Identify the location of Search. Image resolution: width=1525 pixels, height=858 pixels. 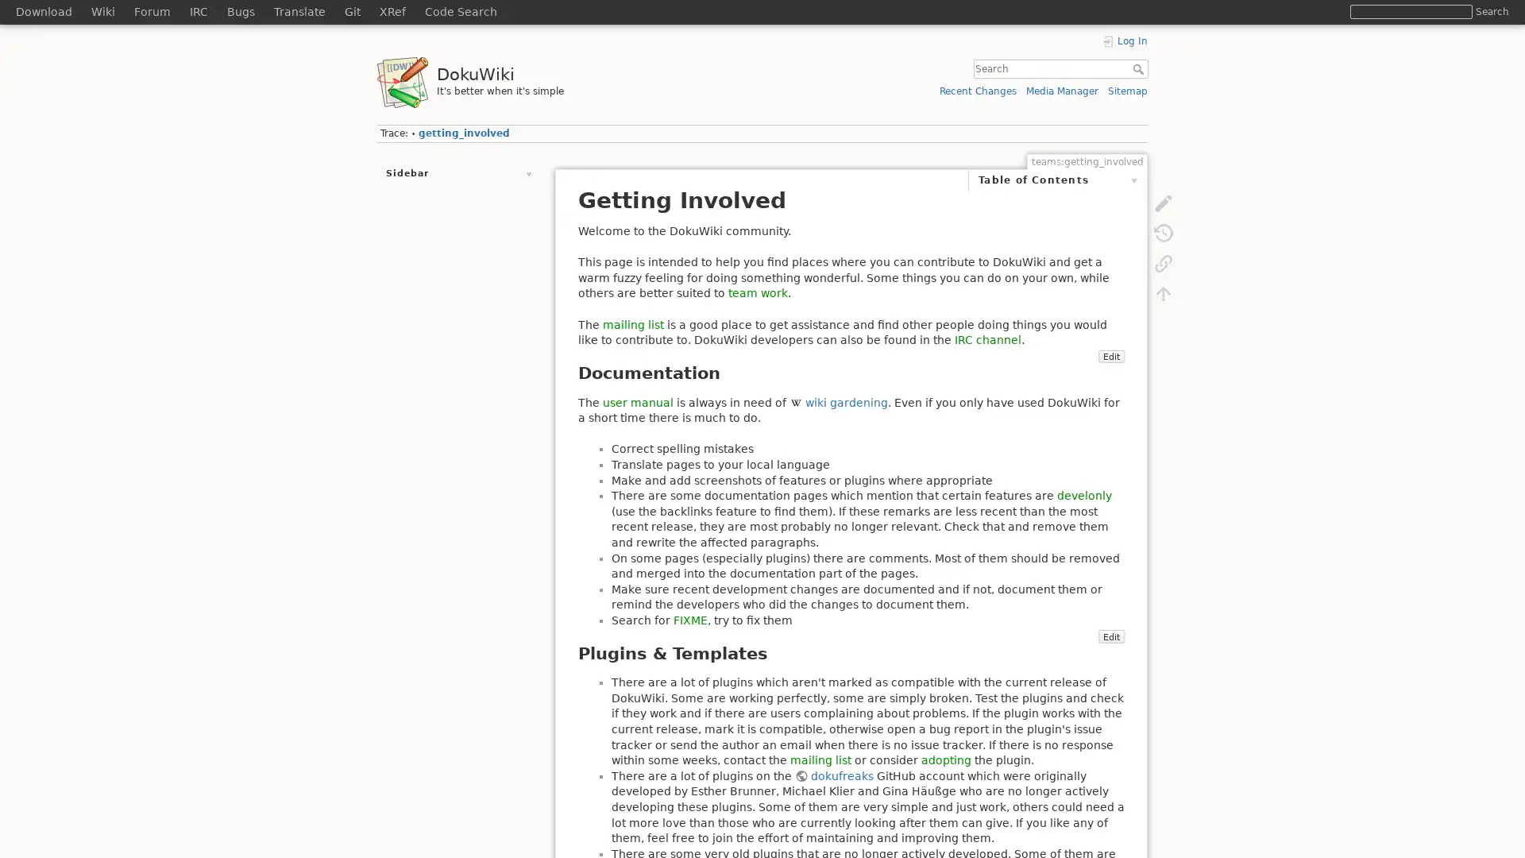
(1139, 68).